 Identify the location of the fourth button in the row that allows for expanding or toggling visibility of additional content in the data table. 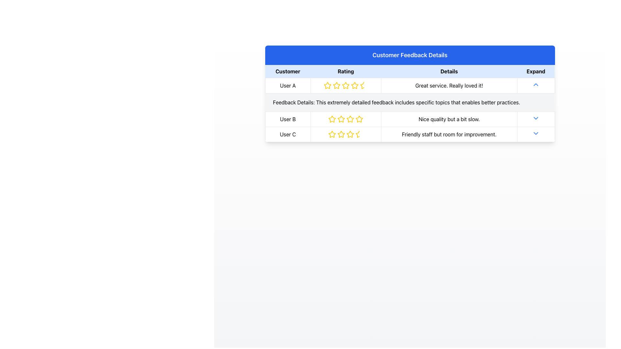
(536, 71).